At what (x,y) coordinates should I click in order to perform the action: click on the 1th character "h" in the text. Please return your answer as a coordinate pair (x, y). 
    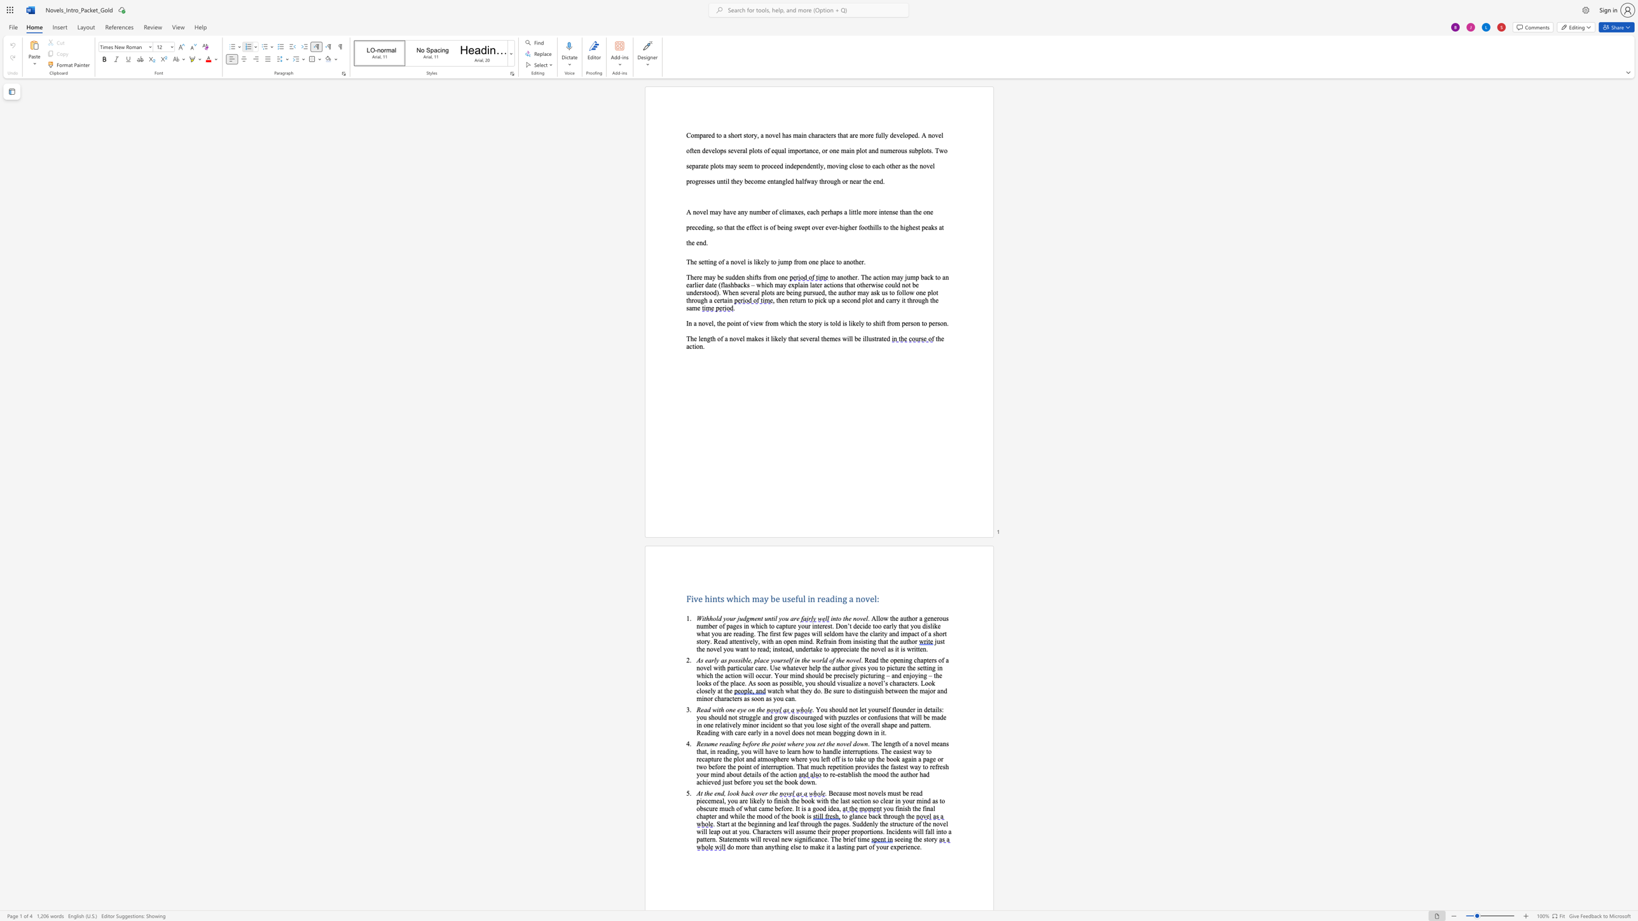
    Looking at the image, I should click on (909, 808).